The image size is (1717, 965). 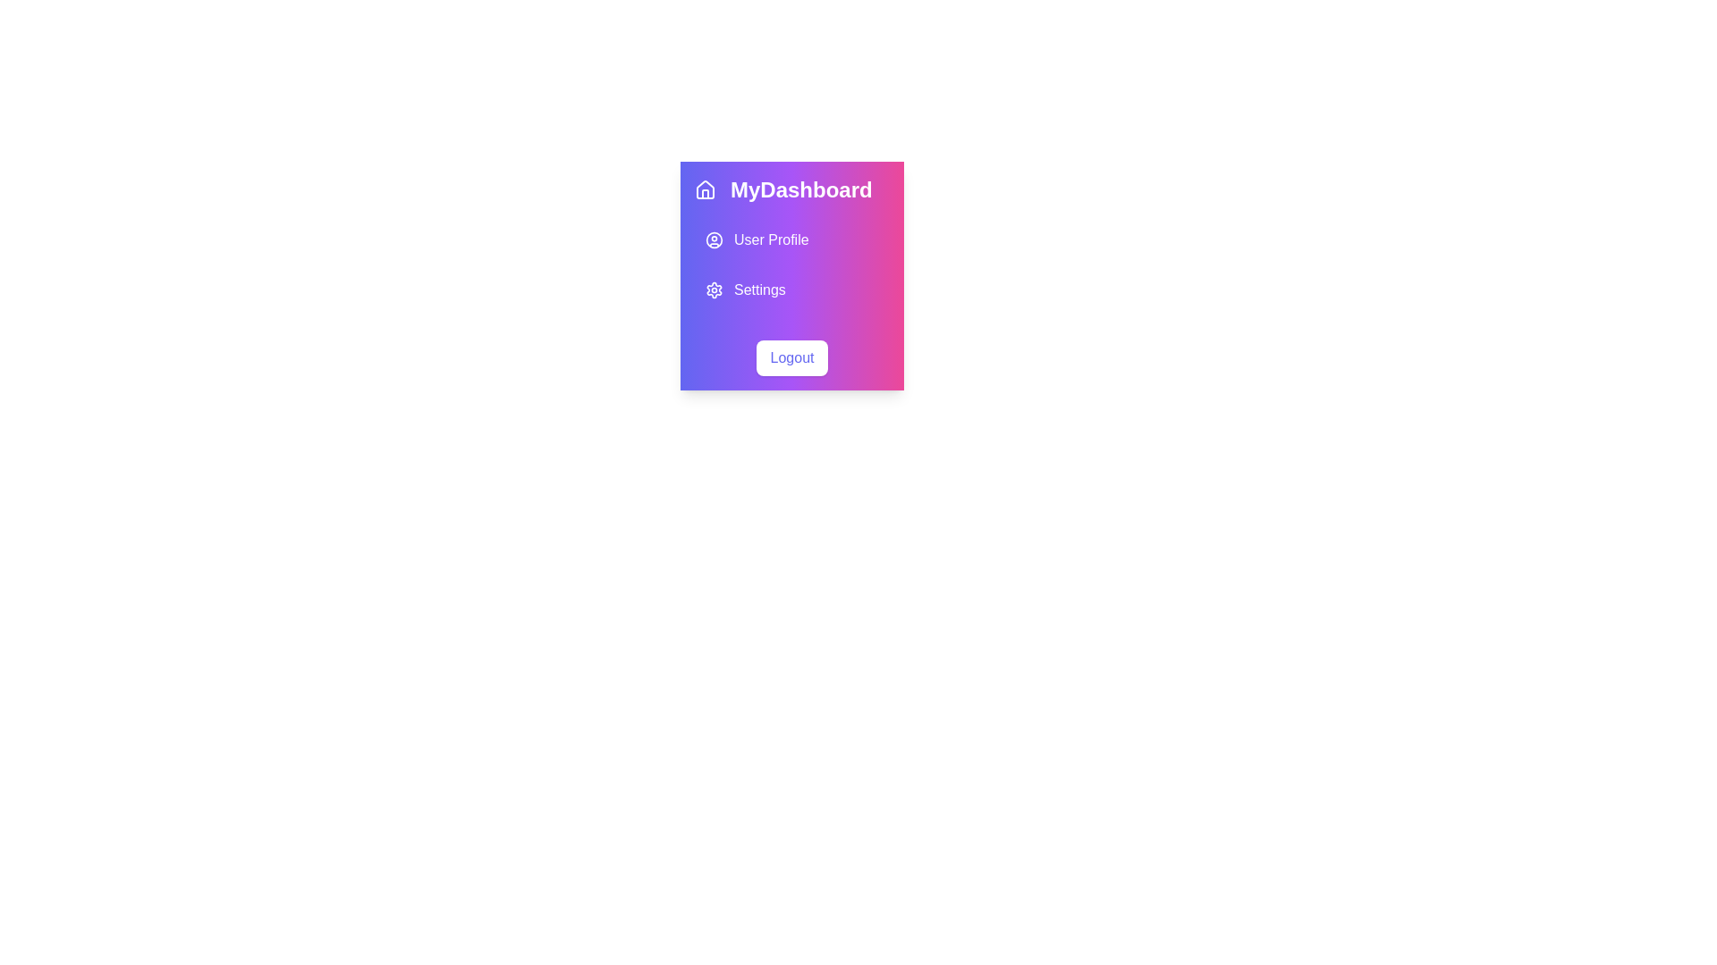 I want to click on the stylized house icon located to the left of the 'MyDashboard' text in the header section of the dashboard interface, so click(x=704, y=189).